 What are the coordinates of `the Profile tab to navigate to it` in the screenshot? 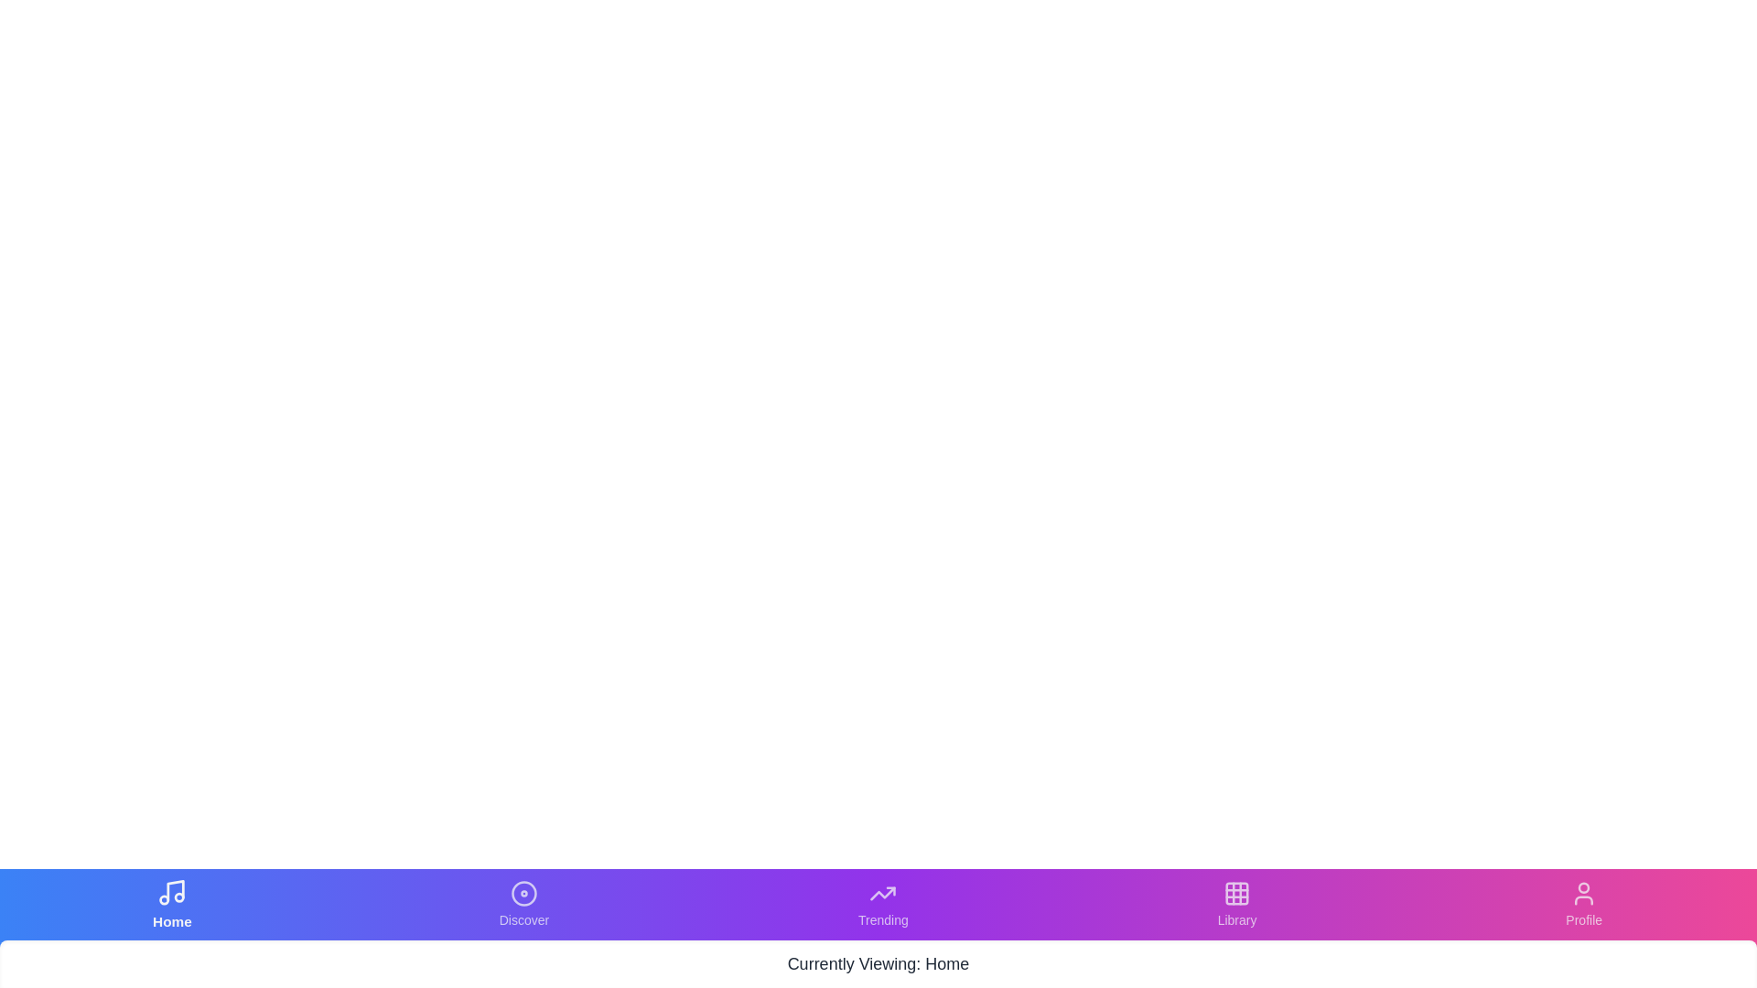 It's located at (1583, 903).